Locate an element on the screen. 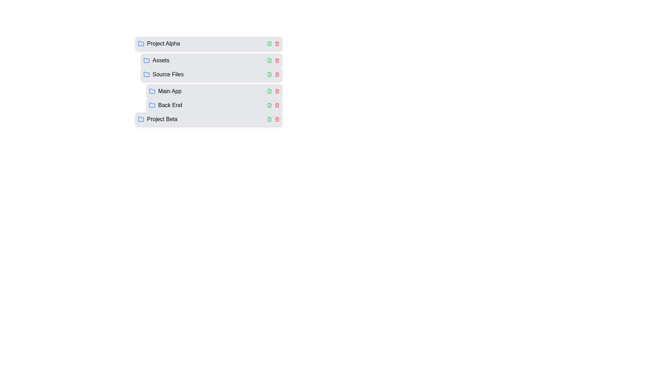 The width and height of the screenshot is (672, 378). the 'Back End' folder label within the nested directory under 'Main App' is located at coordinates (165, 105).